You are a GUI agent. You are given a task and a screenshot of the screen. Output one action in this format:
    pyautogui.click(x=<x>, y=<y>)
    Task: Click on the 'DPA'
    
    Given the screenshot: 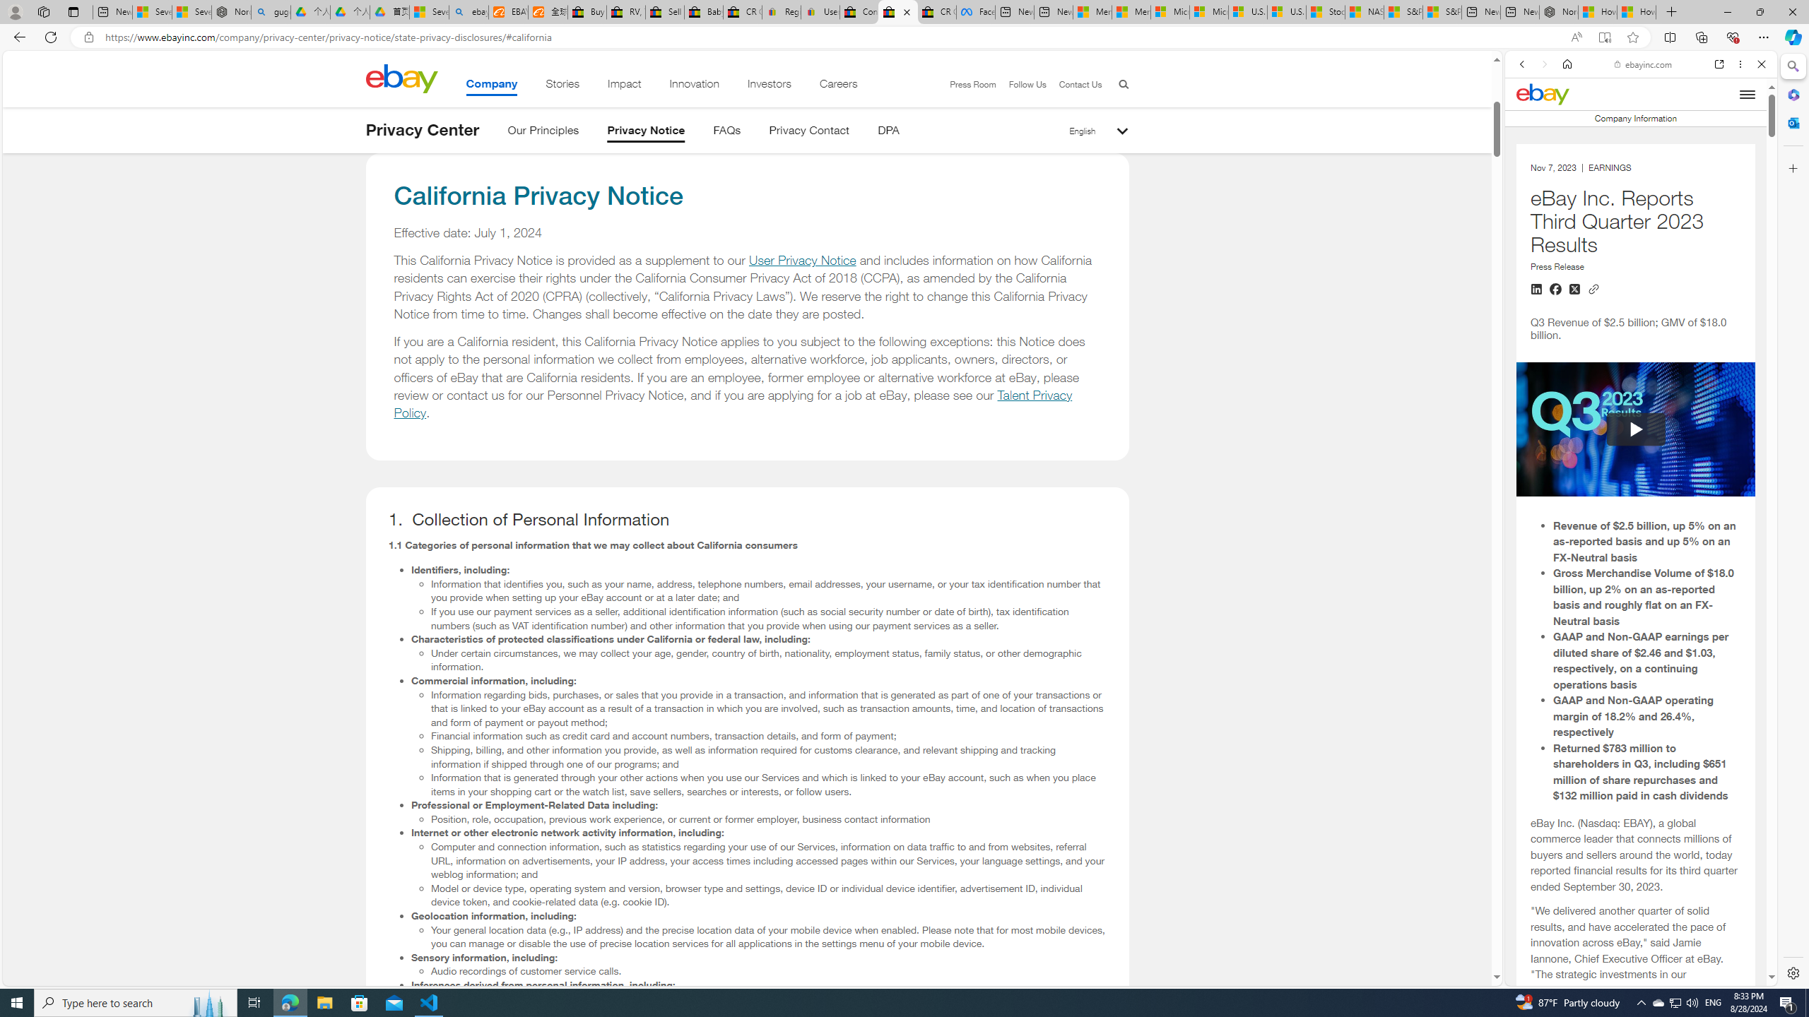 What is the action you would take?
    pyautogui.click(x=887, y=132)
    